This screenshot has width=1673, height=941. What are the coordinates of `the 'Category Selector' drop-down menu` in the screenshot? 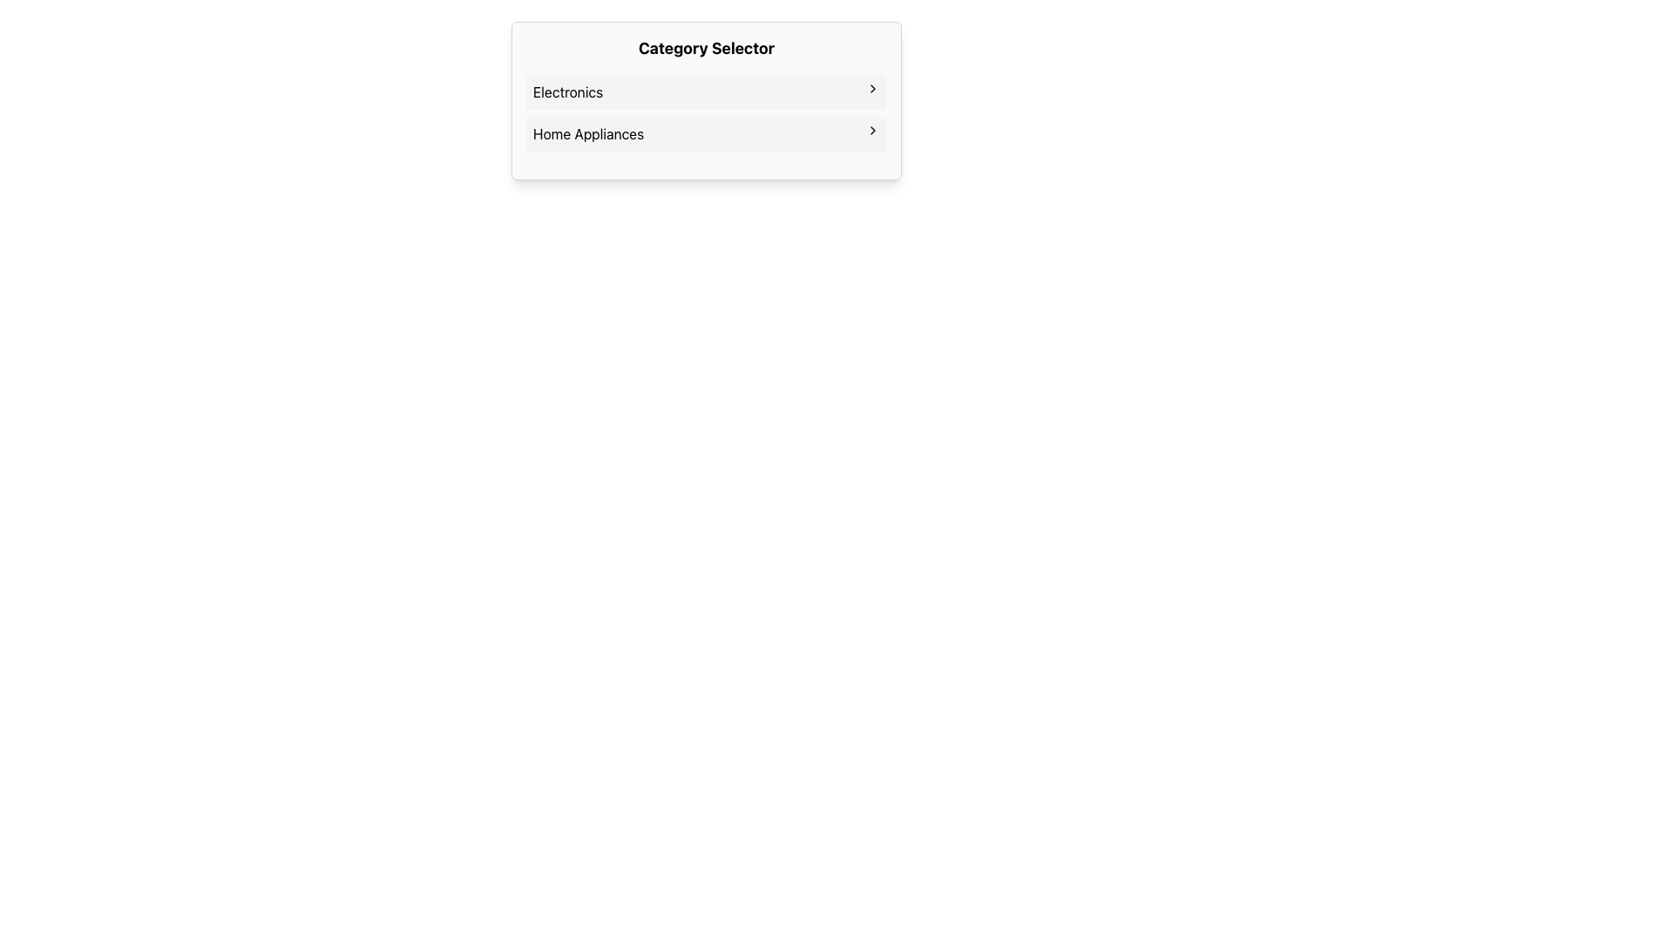 It's located at (707, 100).